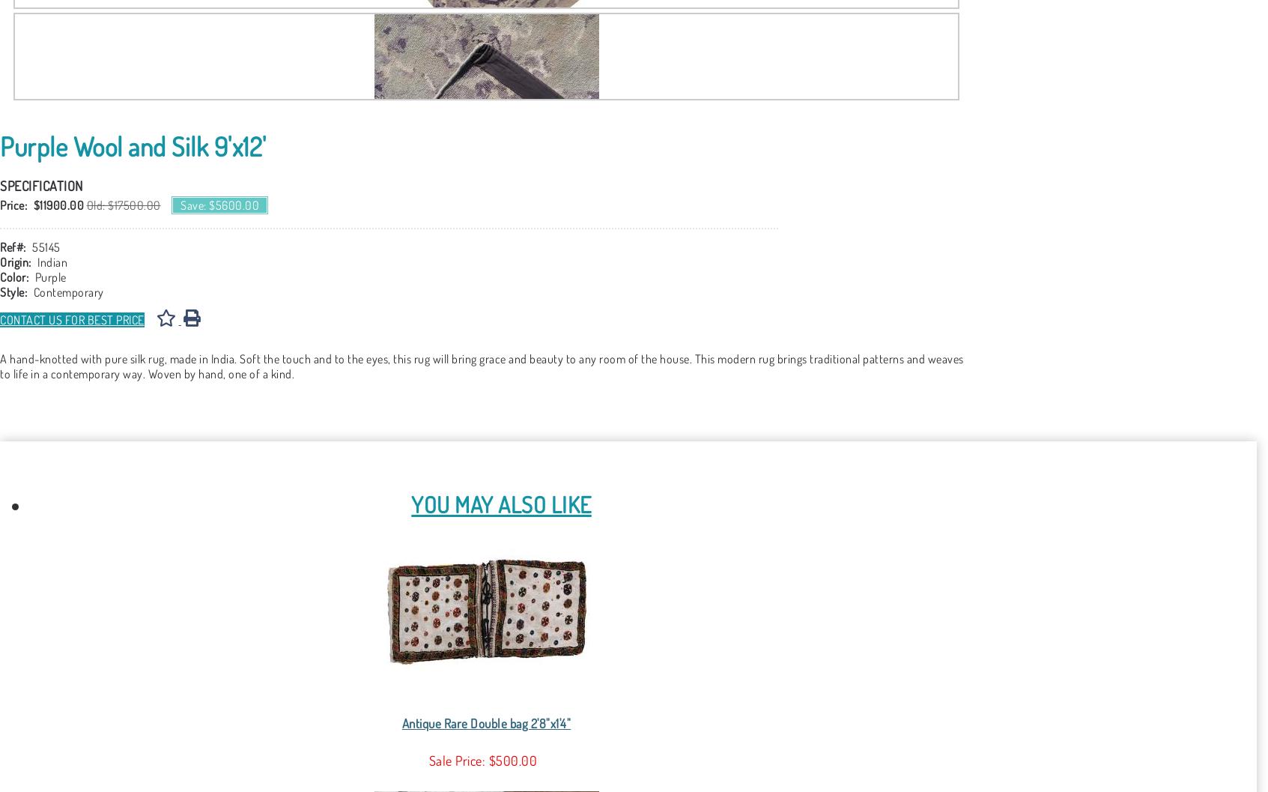 The image size is (1268, 792). Describe the element at coordinates (0, 262) in the screenshot. I see `'Origin:'` at that location.